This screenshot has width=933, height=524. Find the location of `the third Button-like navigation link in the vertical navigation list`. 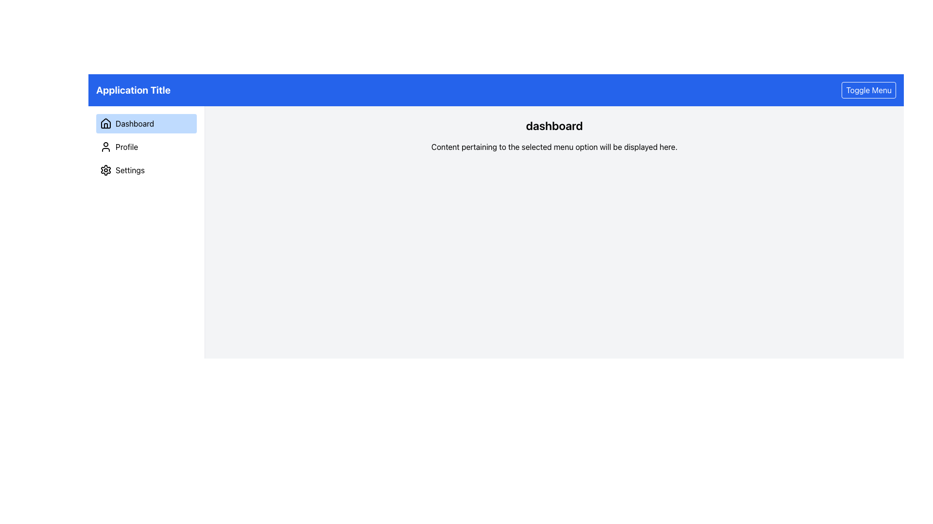

the third Button-like navigation link in the vertical navigation list is located at coordinates (146, 170).